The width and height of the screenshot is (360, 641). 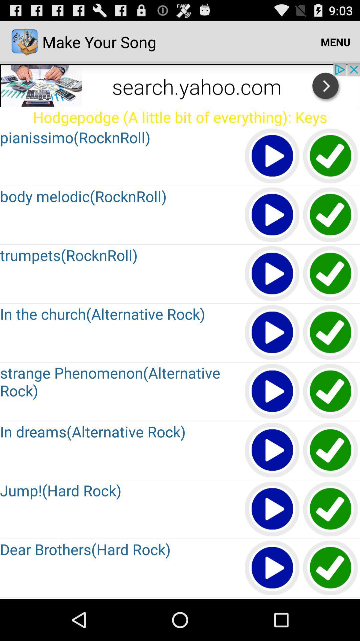 I want to click on song is ready after click, so click(x=331, y=156).